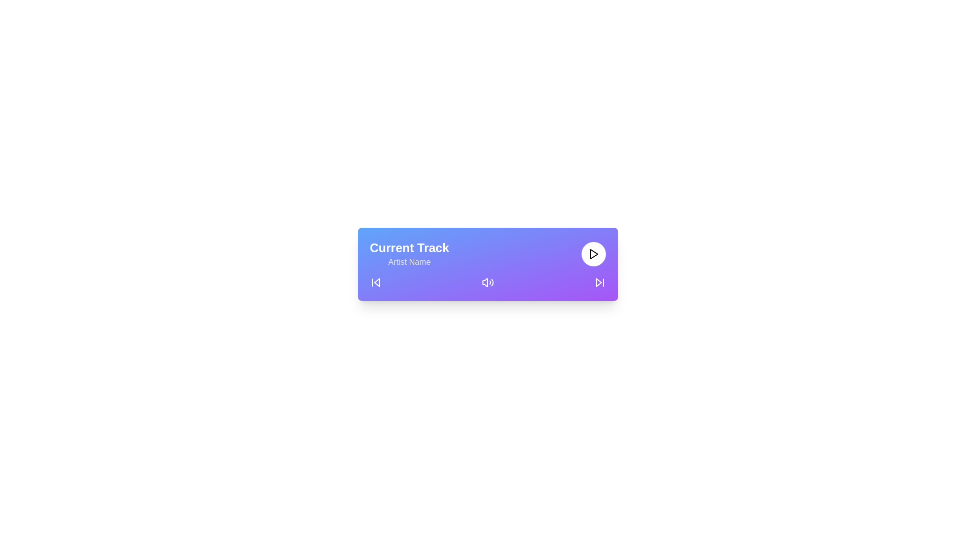 The image size is (976, 549). What do you see at coordinates (409, 248) in the screenshot?
I see `the label indicating the currently playing track in the music player interface, located above the 'Artist Name' text element` at bounding box center [409, 248].